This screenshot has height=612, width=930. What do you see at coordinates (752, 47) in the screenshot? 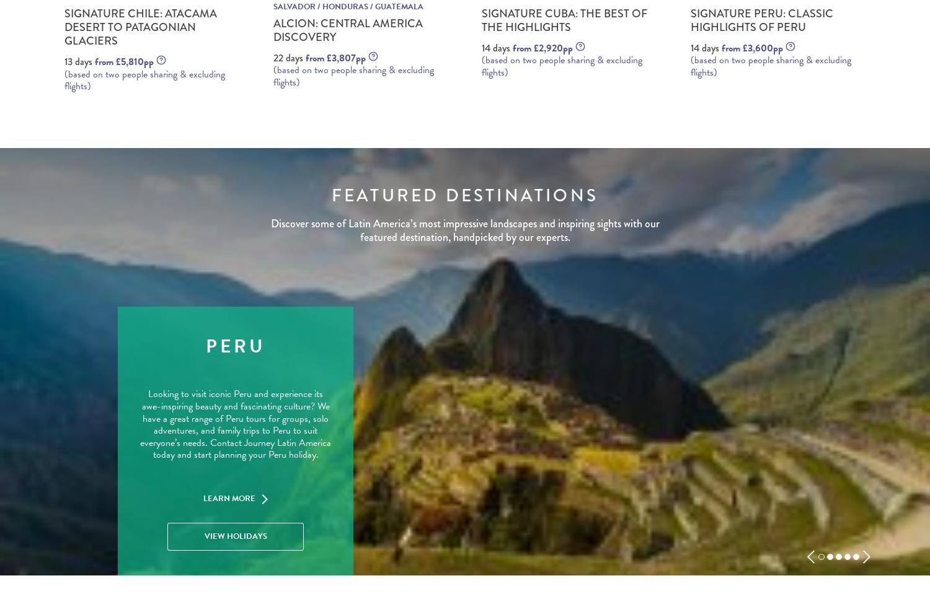
I see `'from £3,600pp'` at bounding box center [752, 47].